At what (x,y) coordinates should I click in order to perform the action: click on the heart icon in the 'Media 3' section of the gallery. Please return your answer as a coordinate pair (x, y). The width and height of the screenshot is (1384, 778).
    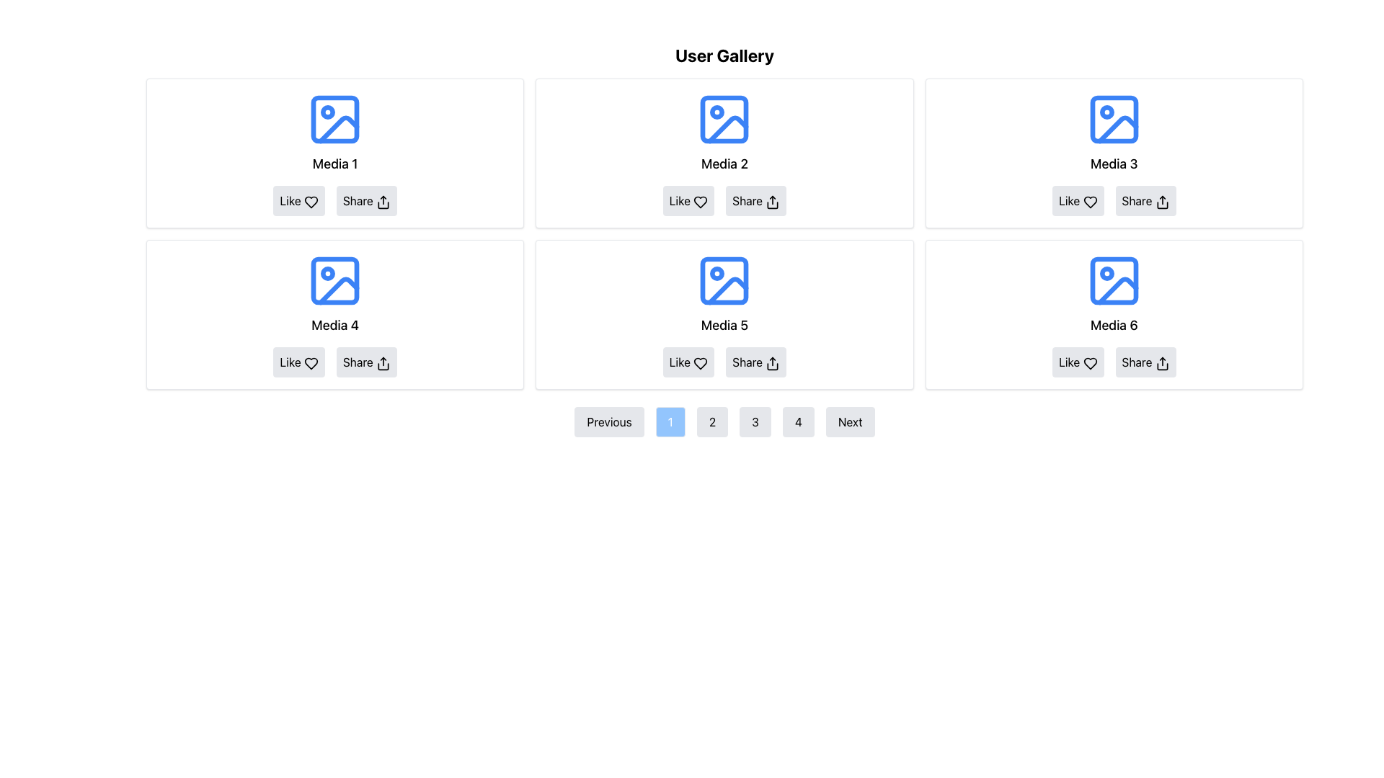
    Looking at the image, I should click on (1090, 202).